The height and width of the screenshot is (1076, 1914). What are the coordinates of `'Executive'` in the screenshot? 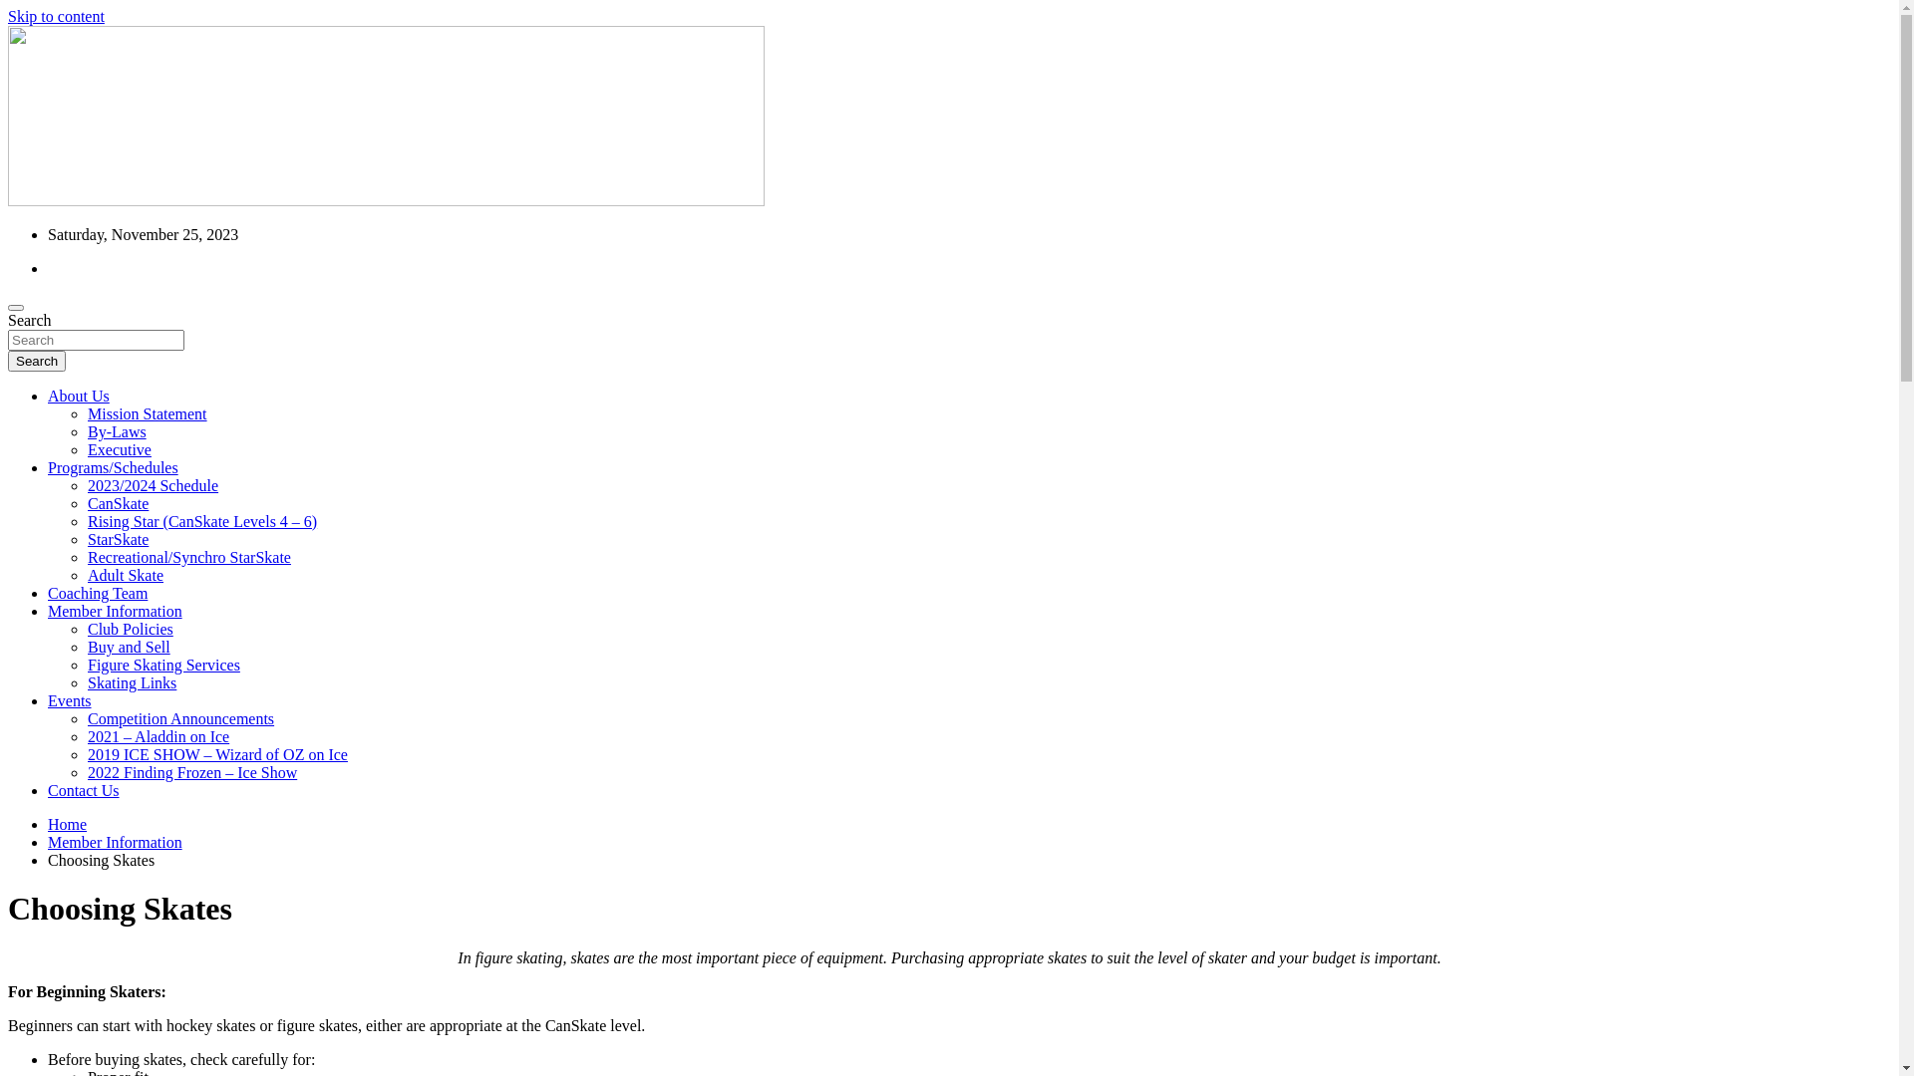 It's located at (86, 449).